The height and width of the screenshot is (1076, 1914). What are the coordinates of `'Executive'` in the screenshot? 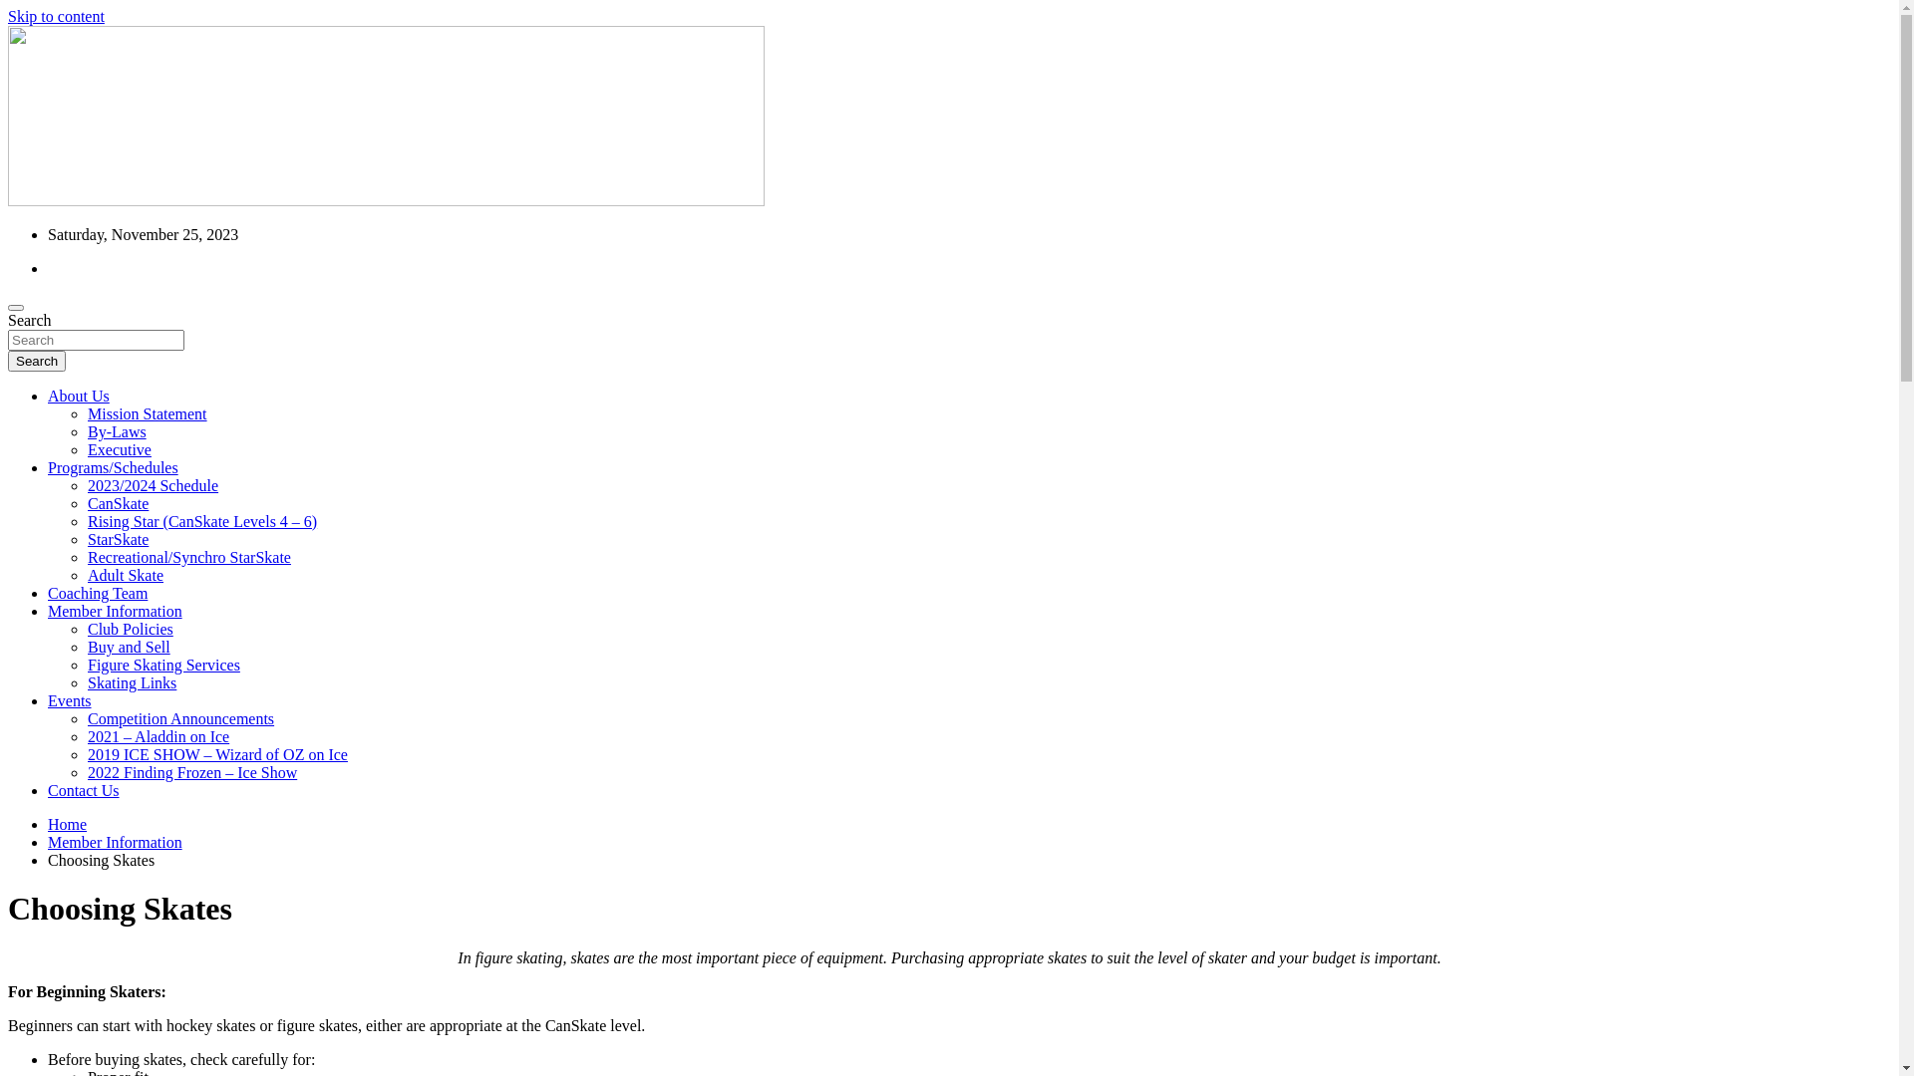 It's located at (86, 449).